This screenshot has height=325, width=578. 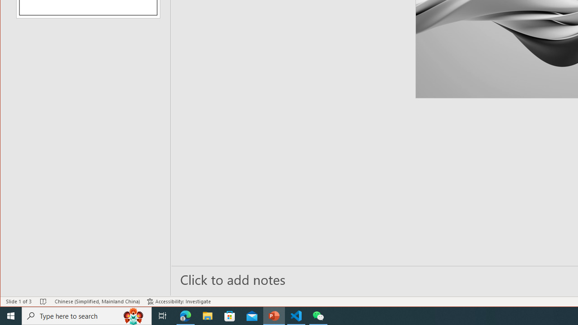 What do you see at coordinates (318, 315) in the screenshot?
I see `'WeChat - 1 running window'` at bounding box center [318, 315].